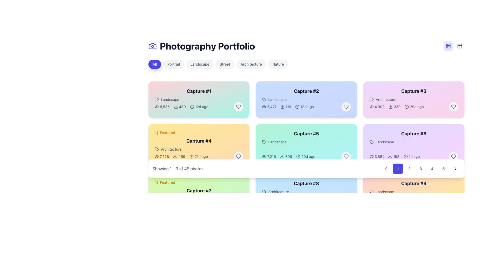 The width and height of the screenshot is (499, 280). Describe the element at coordinates (298, 156) in the screenshot. I see `the clock icon located next to the '20d ago' text in the bottom right section of the 'Capture #5' card` at that location.